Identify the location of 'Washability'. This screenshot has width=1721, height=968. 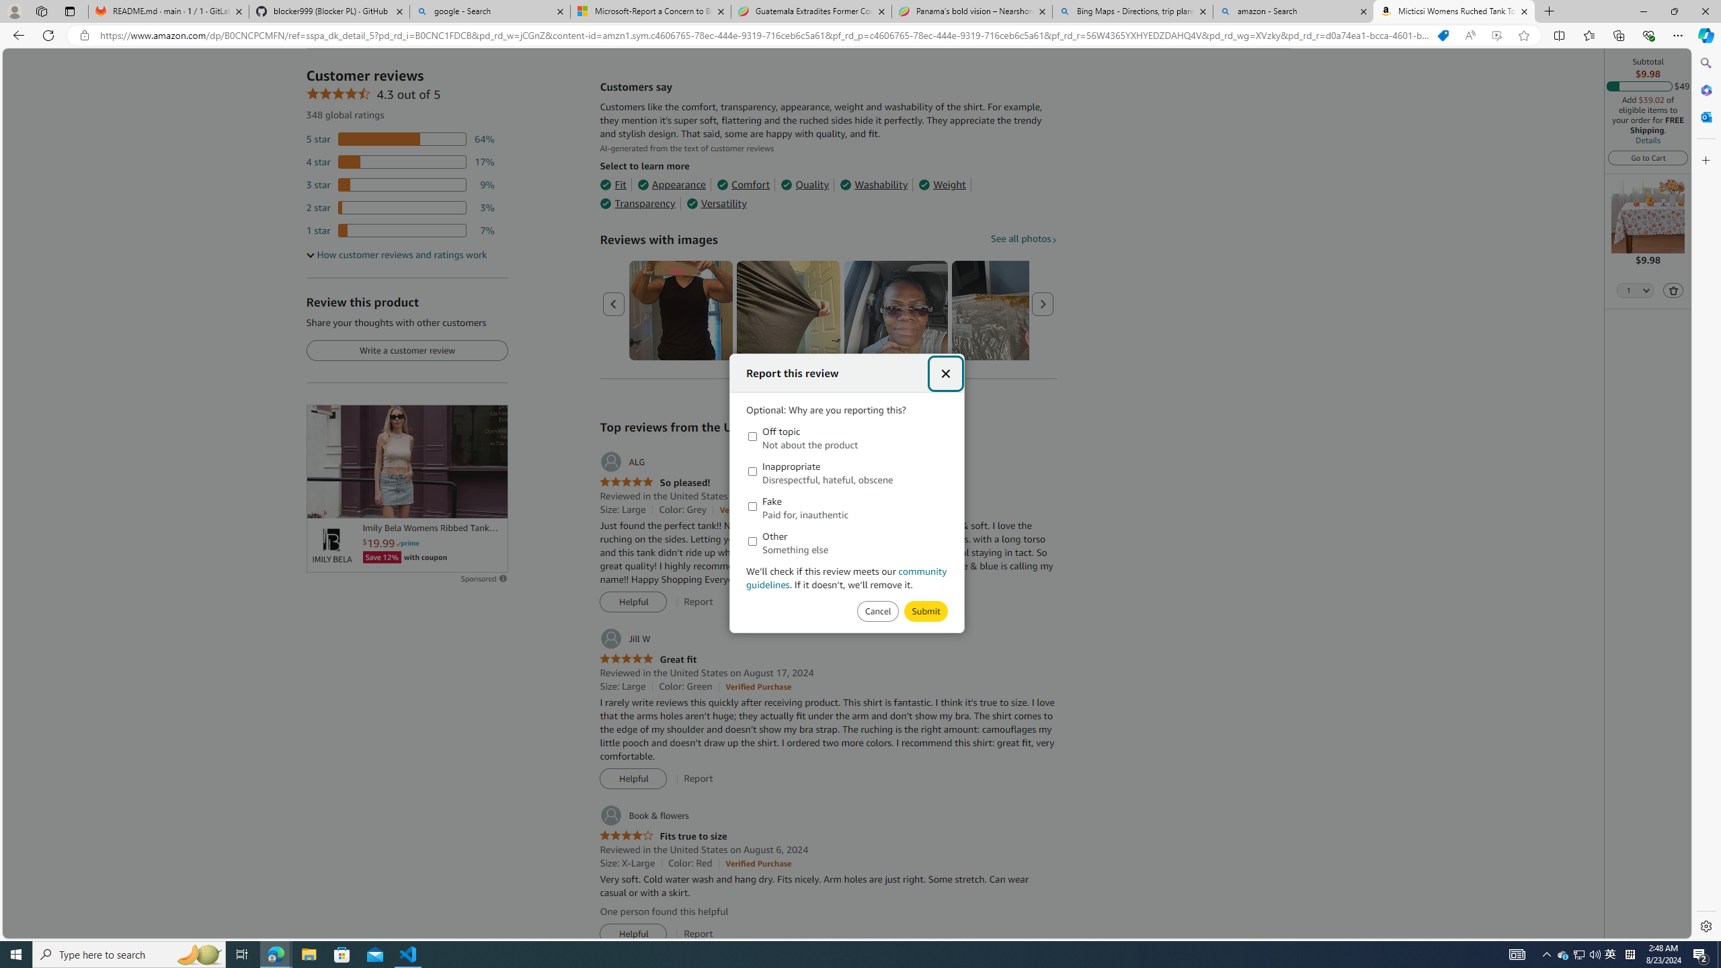
(874, 185).